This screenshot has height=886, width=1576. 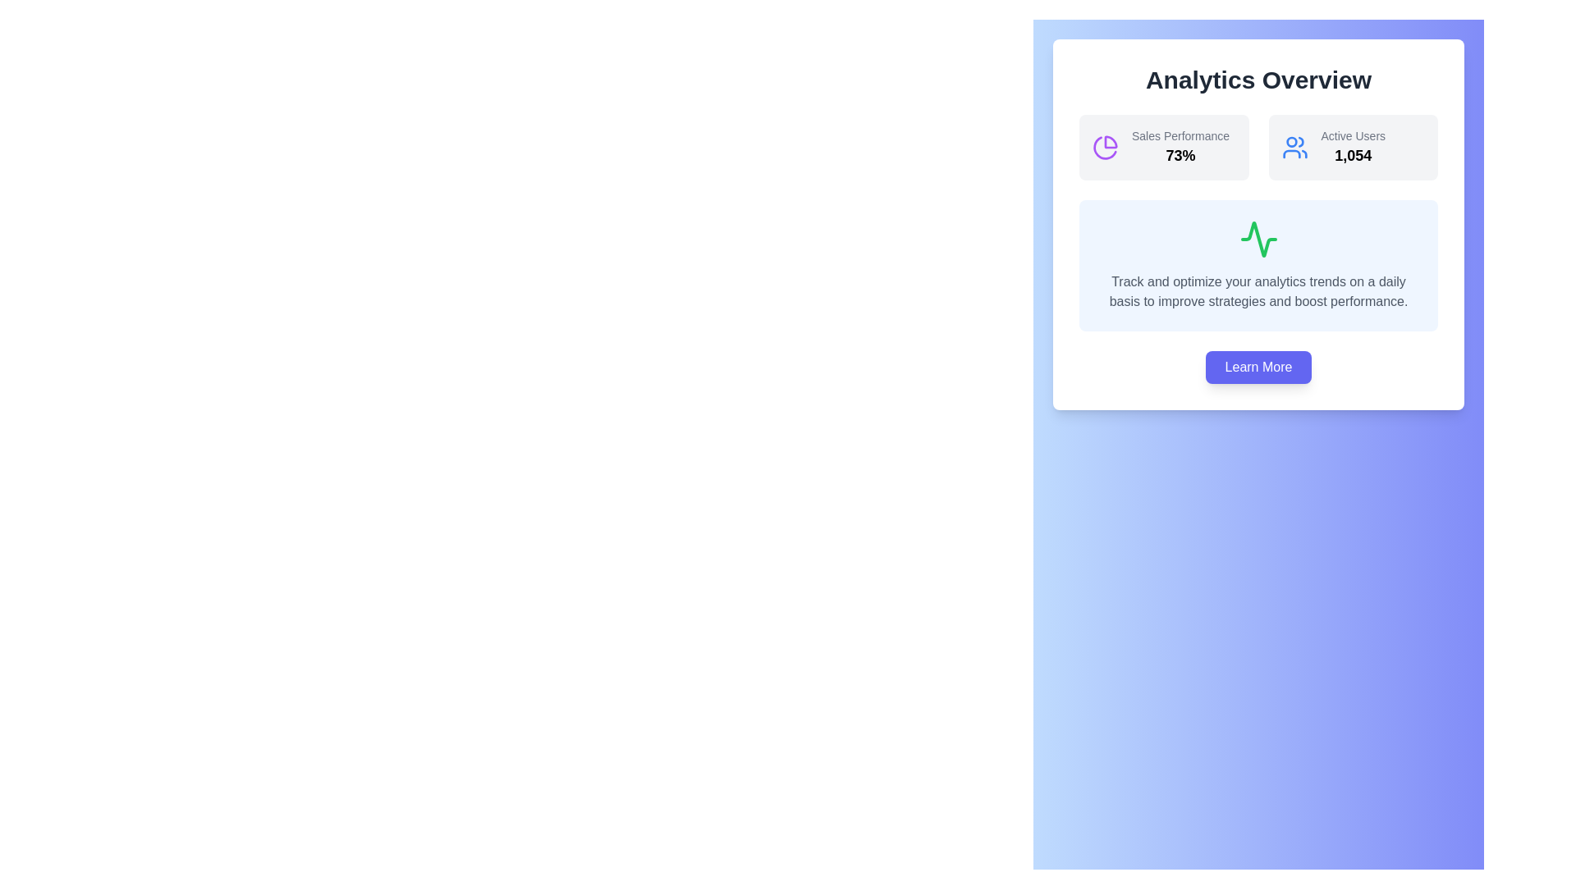 What do you see at coordinates (1258, 366) in the screenshot?
I see `the 'Learn More' button located at the bottom of the card panel` at bounding box center [1258, 366].